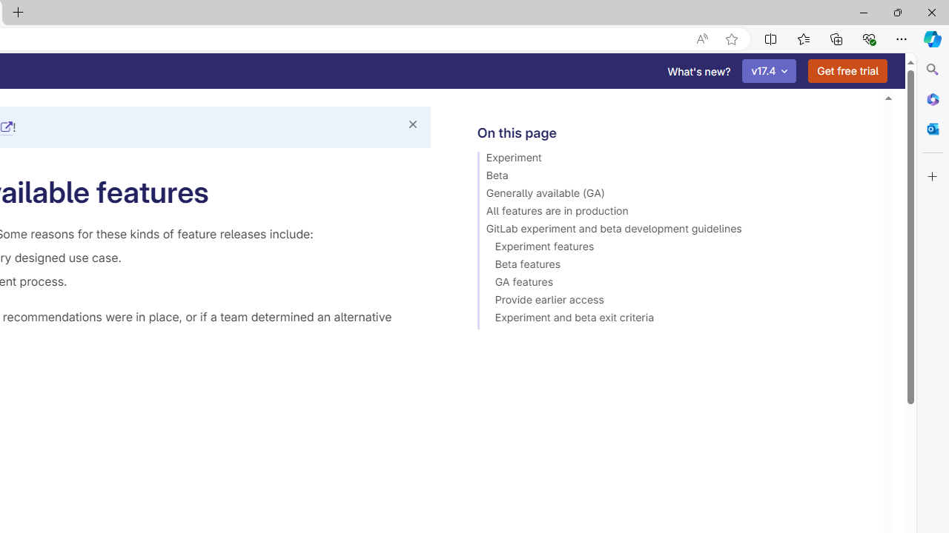  What do you see at coordinates (672, 195) in the screenshot?
I see `'Generally available (GA)'` at bounding box center [672, 195].